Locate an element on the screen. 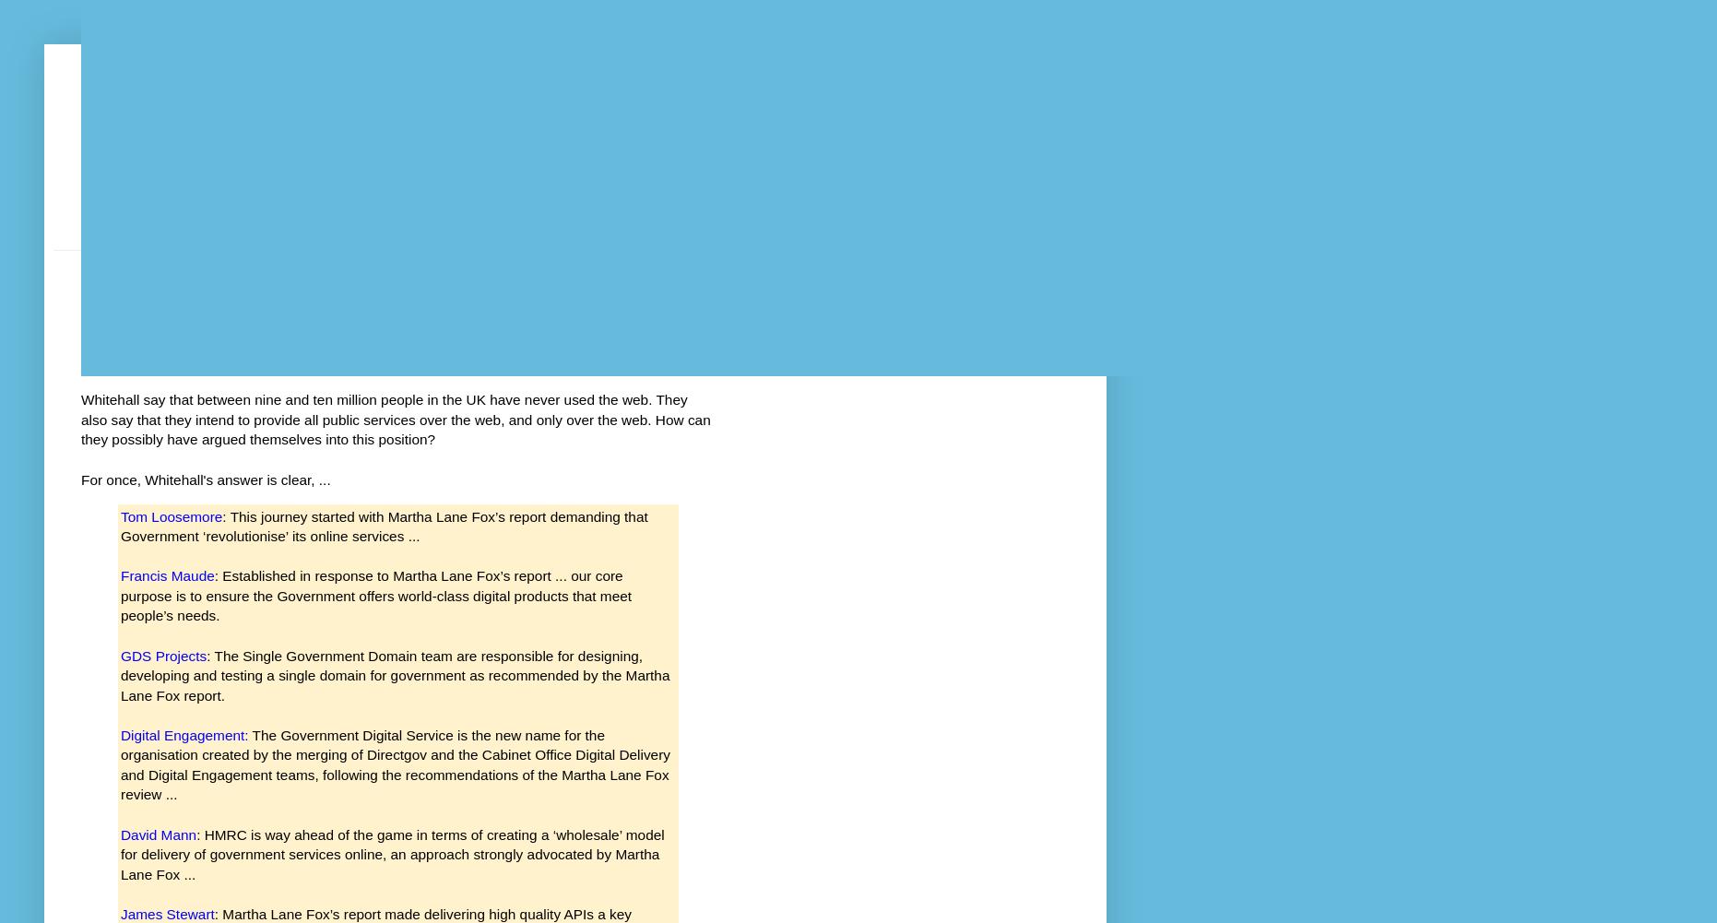 The image size is (1717, 923). 'David Mann' is located at coordinates (158, 834).